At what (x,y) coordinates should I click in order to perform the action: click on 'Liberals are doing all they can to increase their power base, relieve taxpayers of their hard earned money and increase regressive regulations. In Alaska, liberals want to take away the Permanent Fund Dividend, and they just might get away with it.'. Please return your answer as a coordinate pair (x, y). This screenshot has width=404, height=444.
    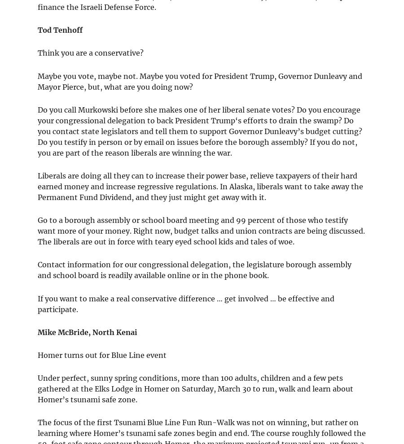
    Looking at the image, I should click on (200, 186).